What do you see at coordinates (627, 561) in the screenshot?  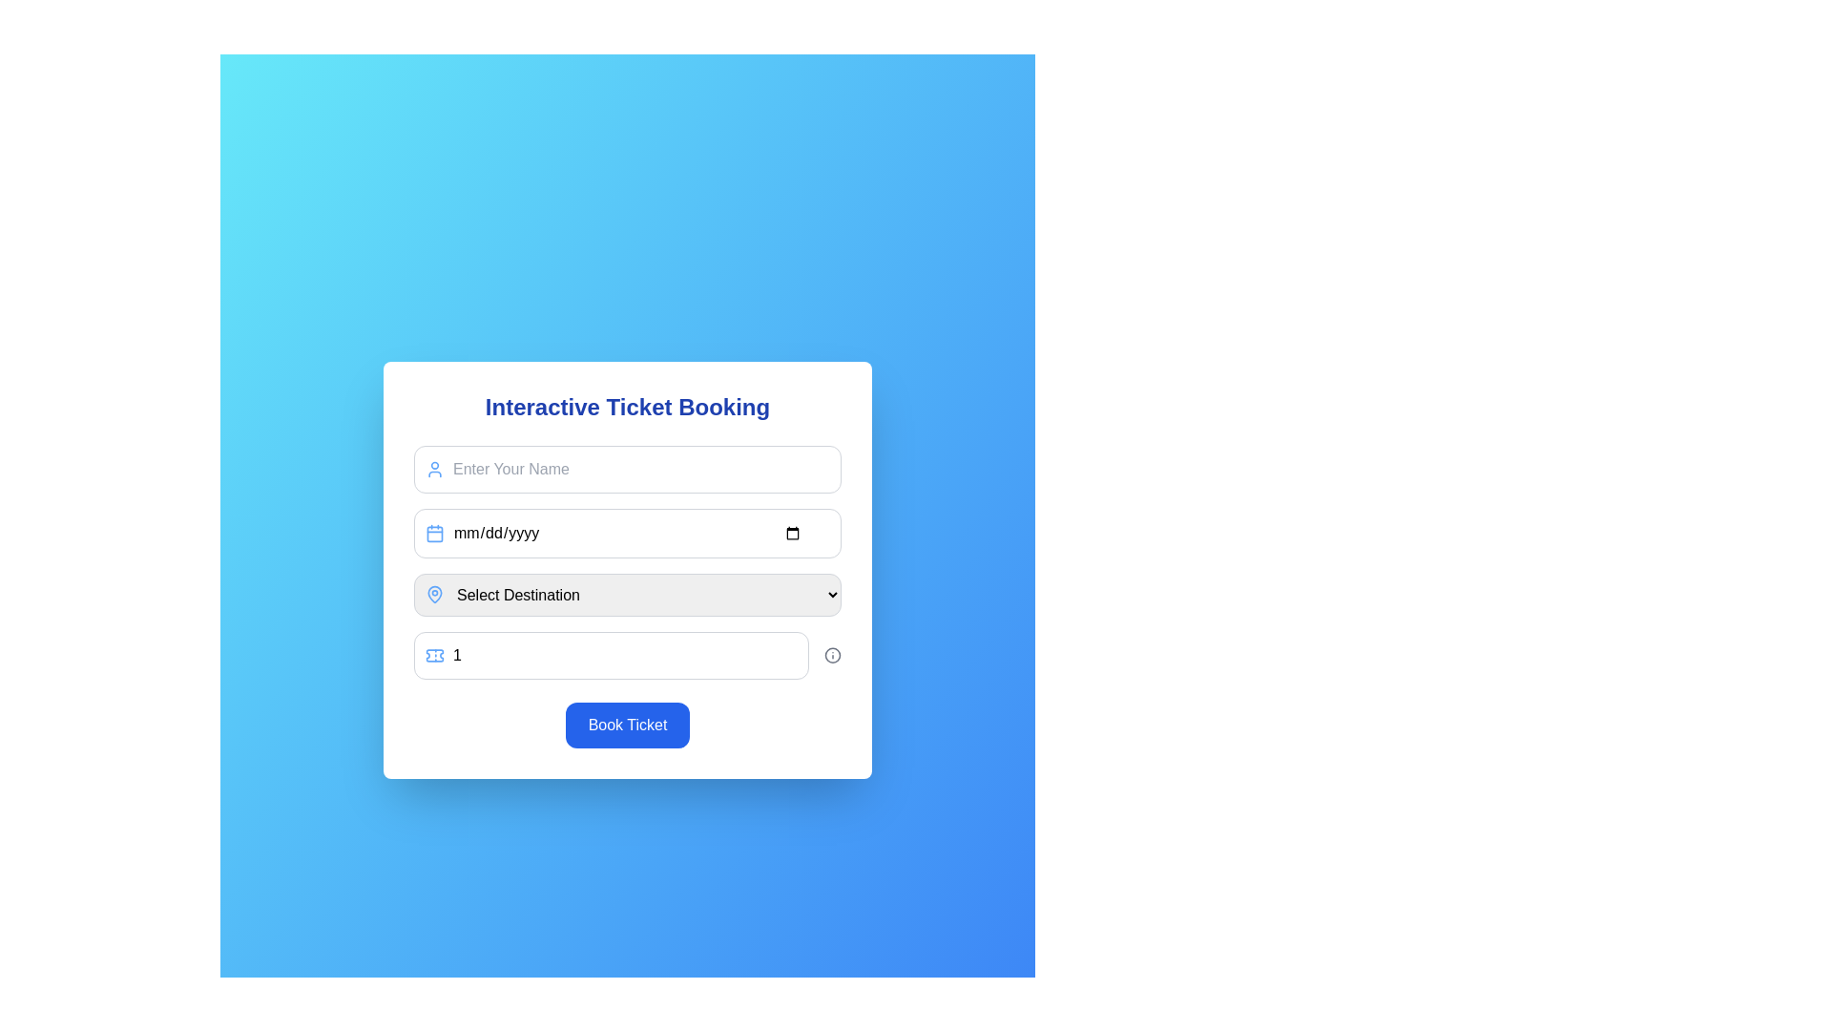 I see `the 'Select Destination' dropdown menu for keyboard interaction` at bounding box center [627, 561].